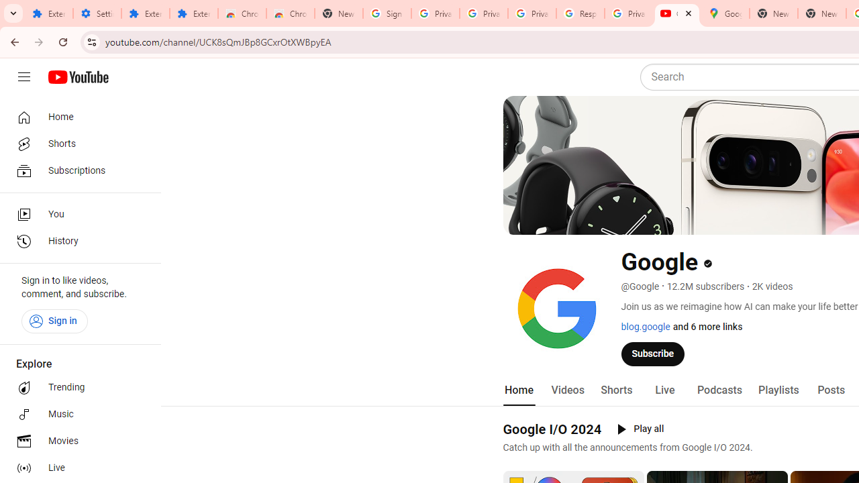  What do you see at coordinates (91, 41) in the screenshot?
I see `'View site information'` at bounding box center [91, 41].